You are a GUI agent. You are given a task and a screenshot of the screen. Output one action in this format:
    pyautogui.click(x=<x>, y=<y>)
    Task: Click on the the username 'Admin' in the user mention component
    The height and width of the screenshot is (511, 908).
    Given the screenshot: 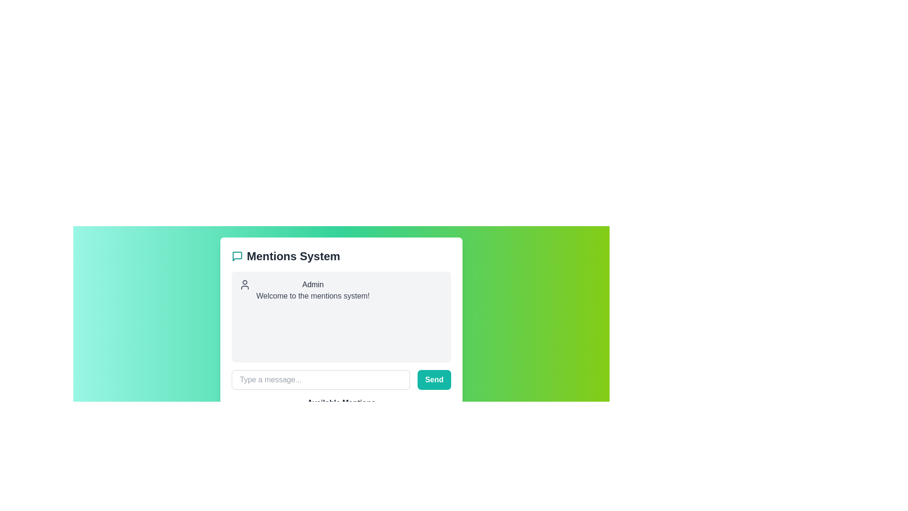 What is the action you would take?
    pyautogui.click(x=340, y=290)
    